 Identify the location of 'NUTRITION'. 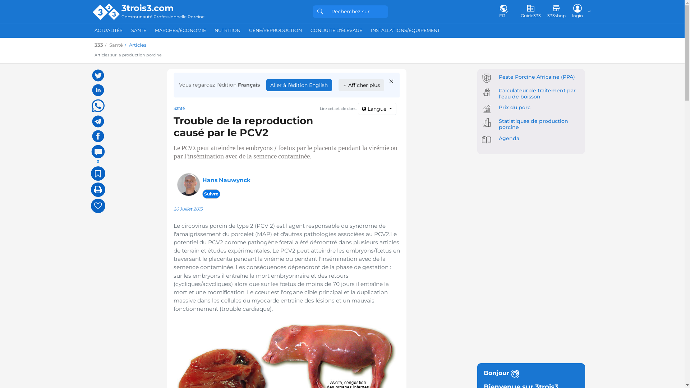
(227, 30).